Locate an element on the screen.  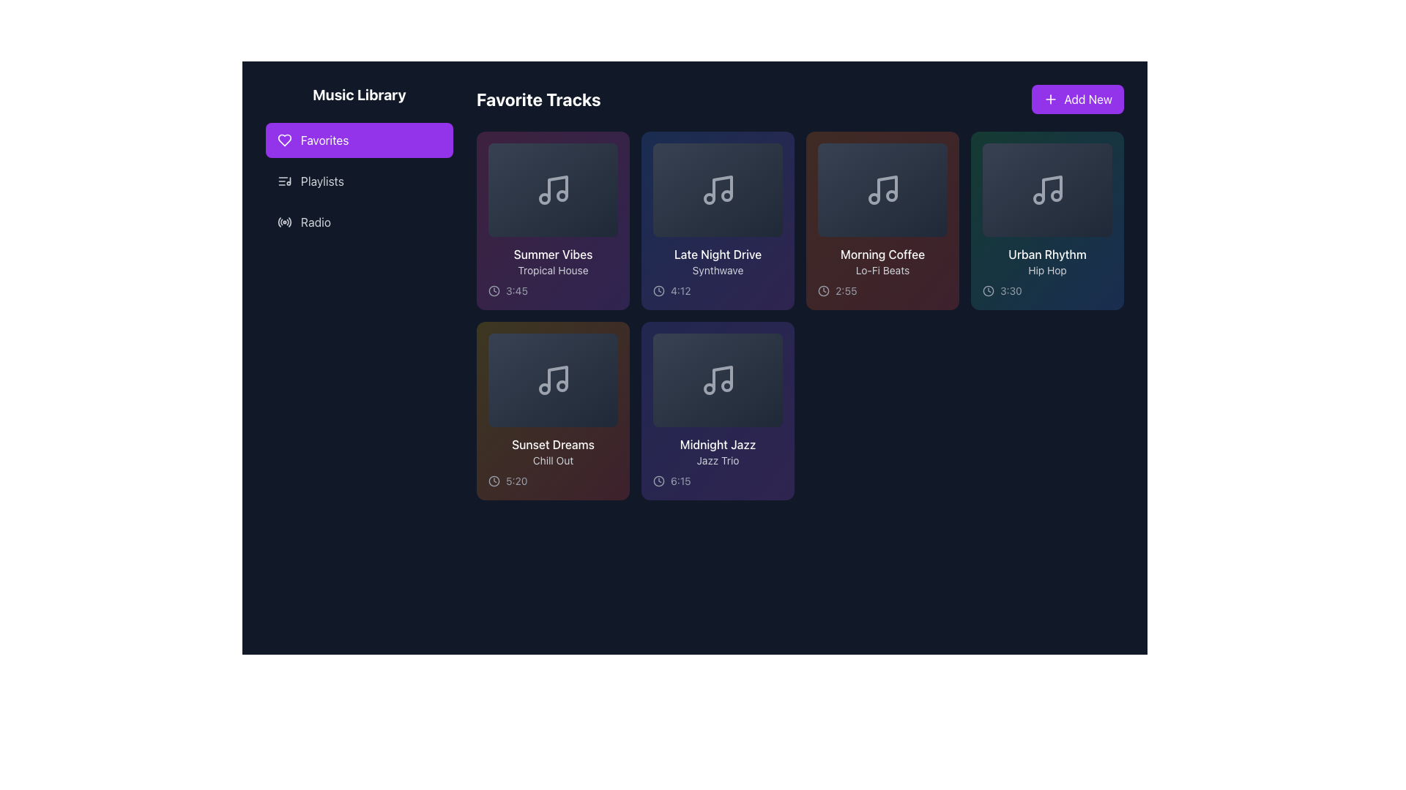
the decorative icon that signifies the time duration of the track, located to the left of the time text '5:20' is located at coordinates (494, 481).